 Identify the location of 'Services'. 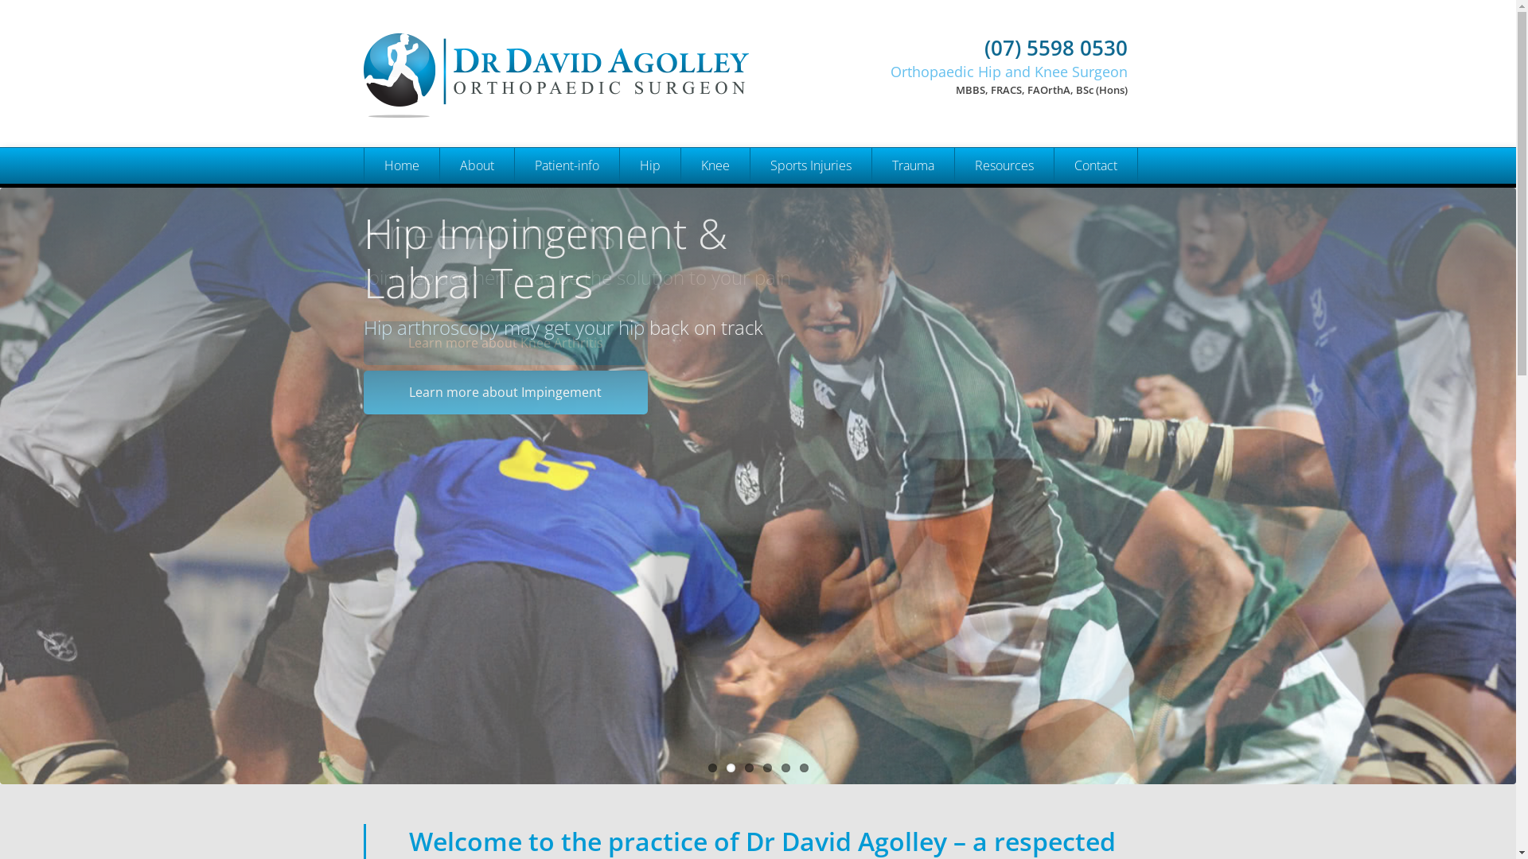
(566, 237).